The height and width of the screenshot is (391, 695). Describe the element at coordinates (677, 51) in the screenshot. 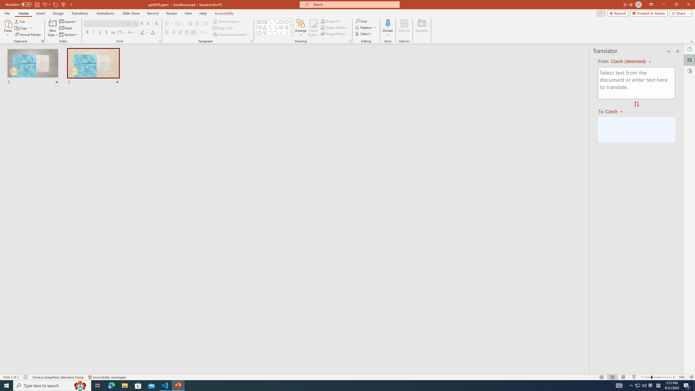

I see `'Close pane'` at that location.